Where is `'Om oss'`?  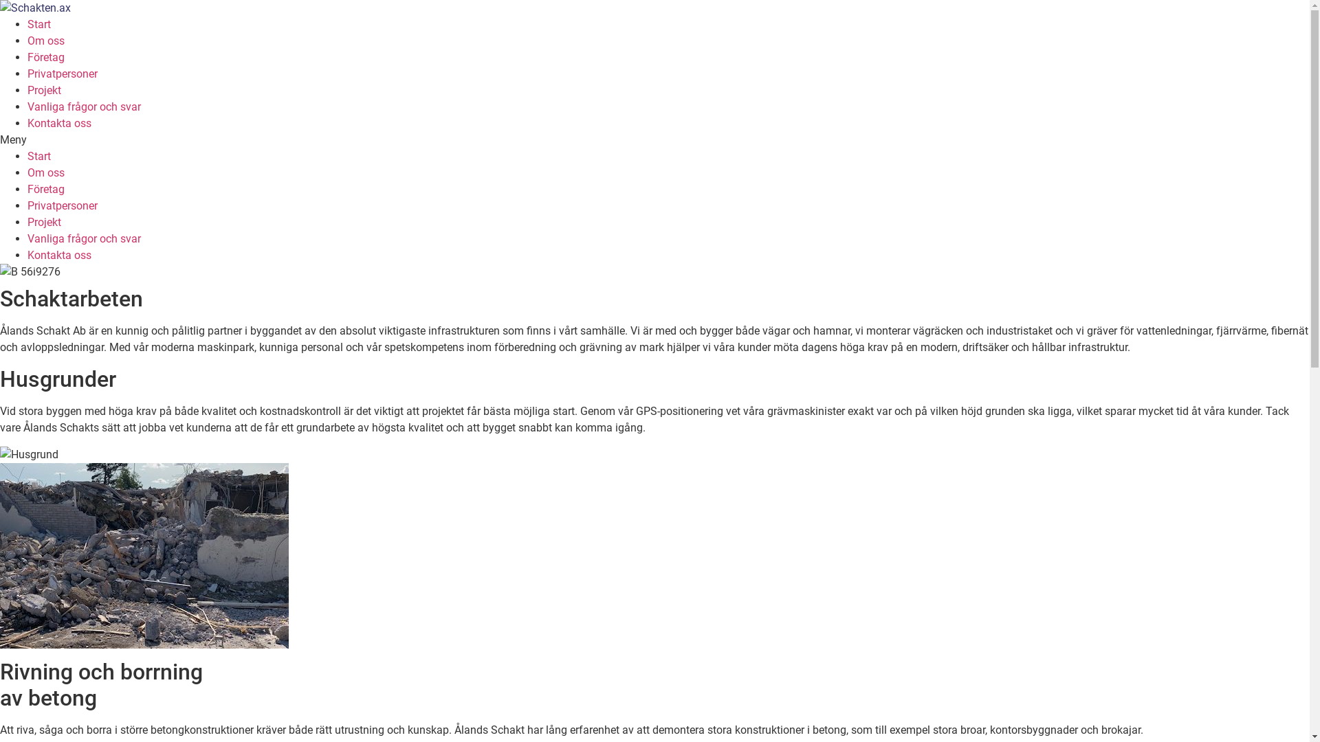
'Om oss' is located at coordinates (27, 172).